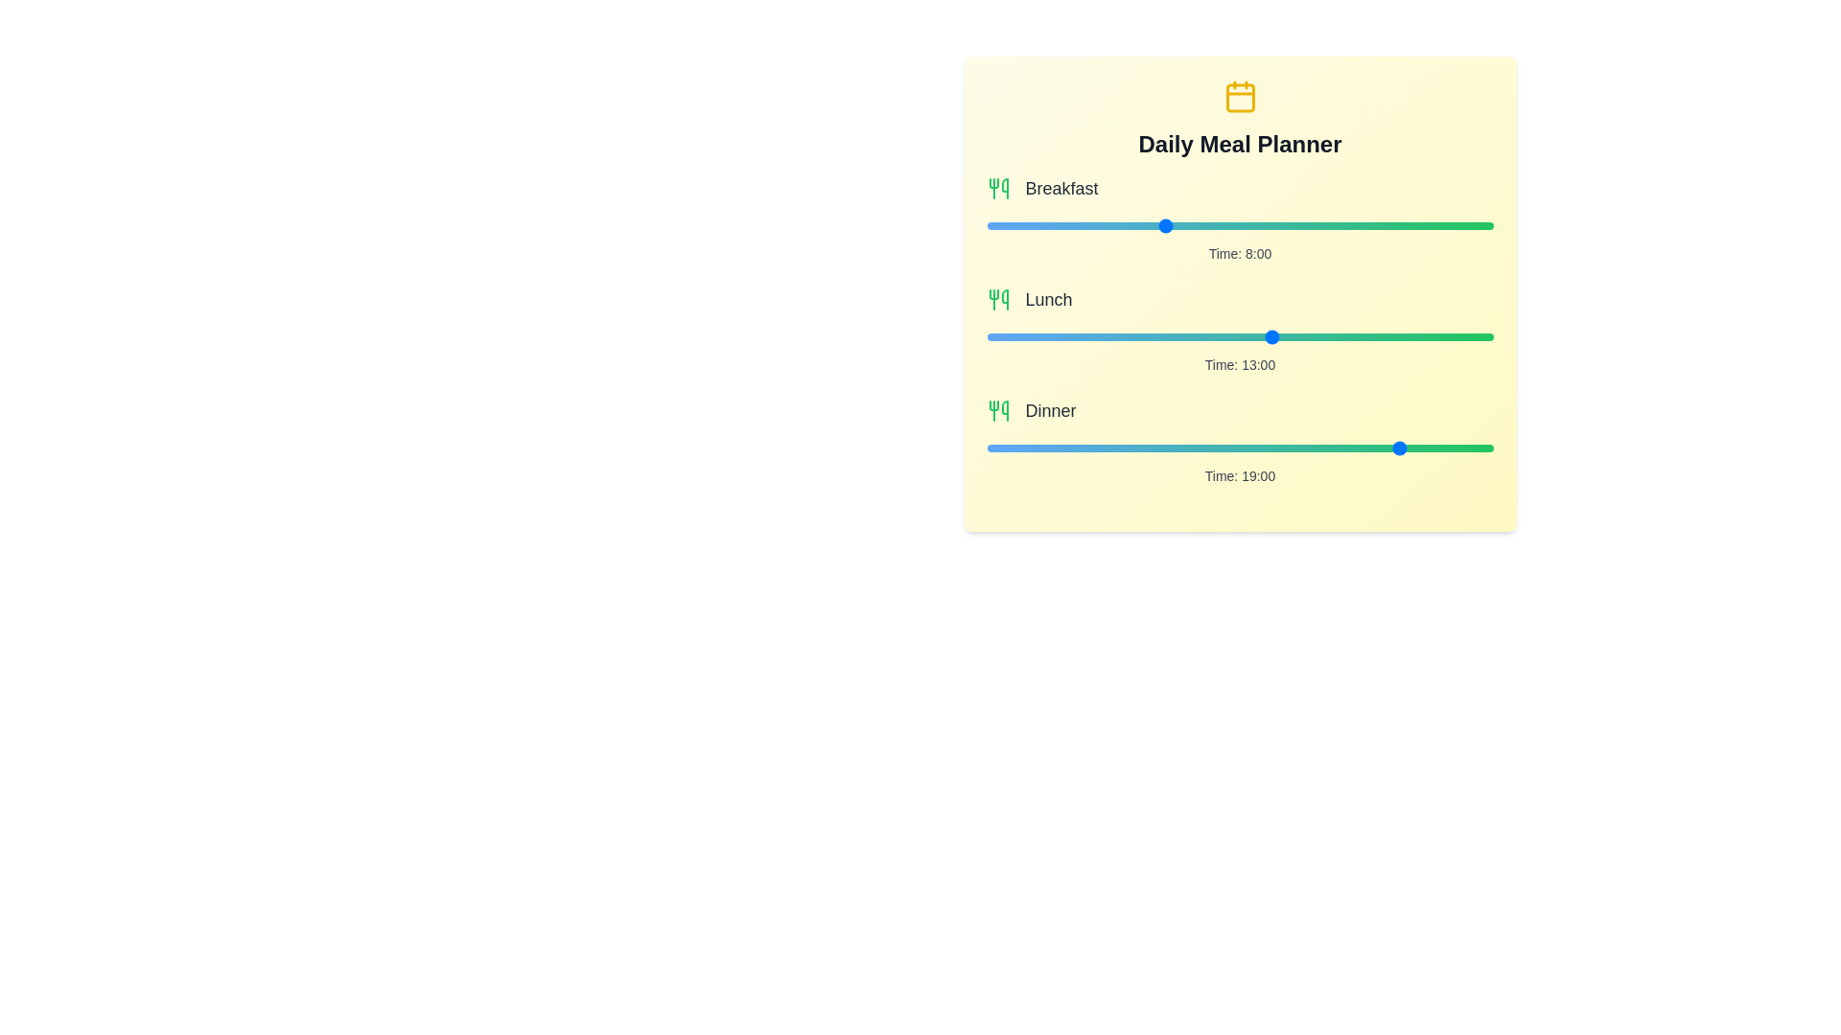  I want to click on the 0 slider to 8 hours, so click(1416, 224).